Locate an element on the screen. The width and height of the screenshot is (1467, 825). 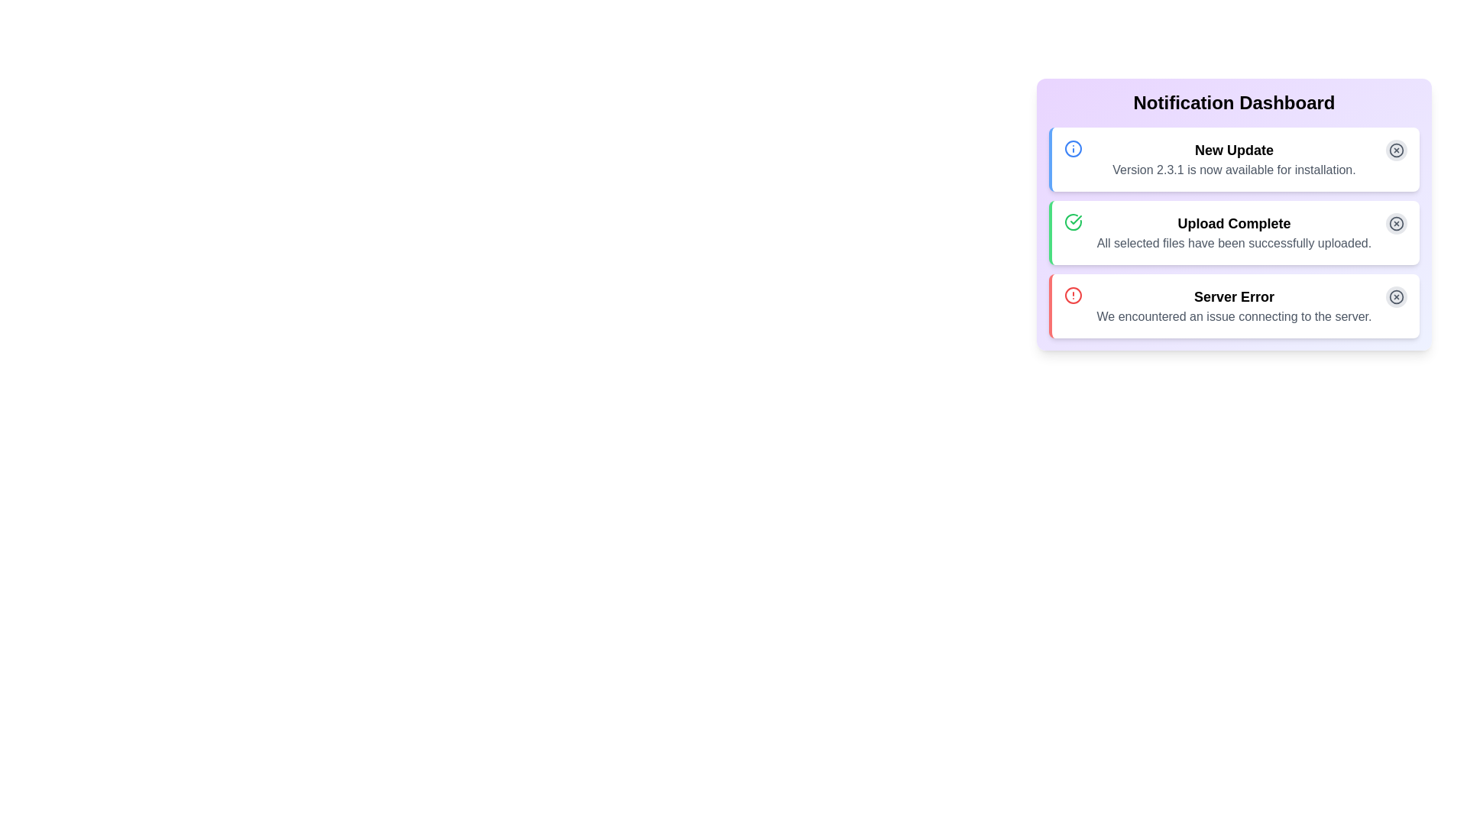
the circular button with an 'X' icon in the top-right corner of the 'Upload Complete' notification box to change its background color is located at coordinates (1397, 224).